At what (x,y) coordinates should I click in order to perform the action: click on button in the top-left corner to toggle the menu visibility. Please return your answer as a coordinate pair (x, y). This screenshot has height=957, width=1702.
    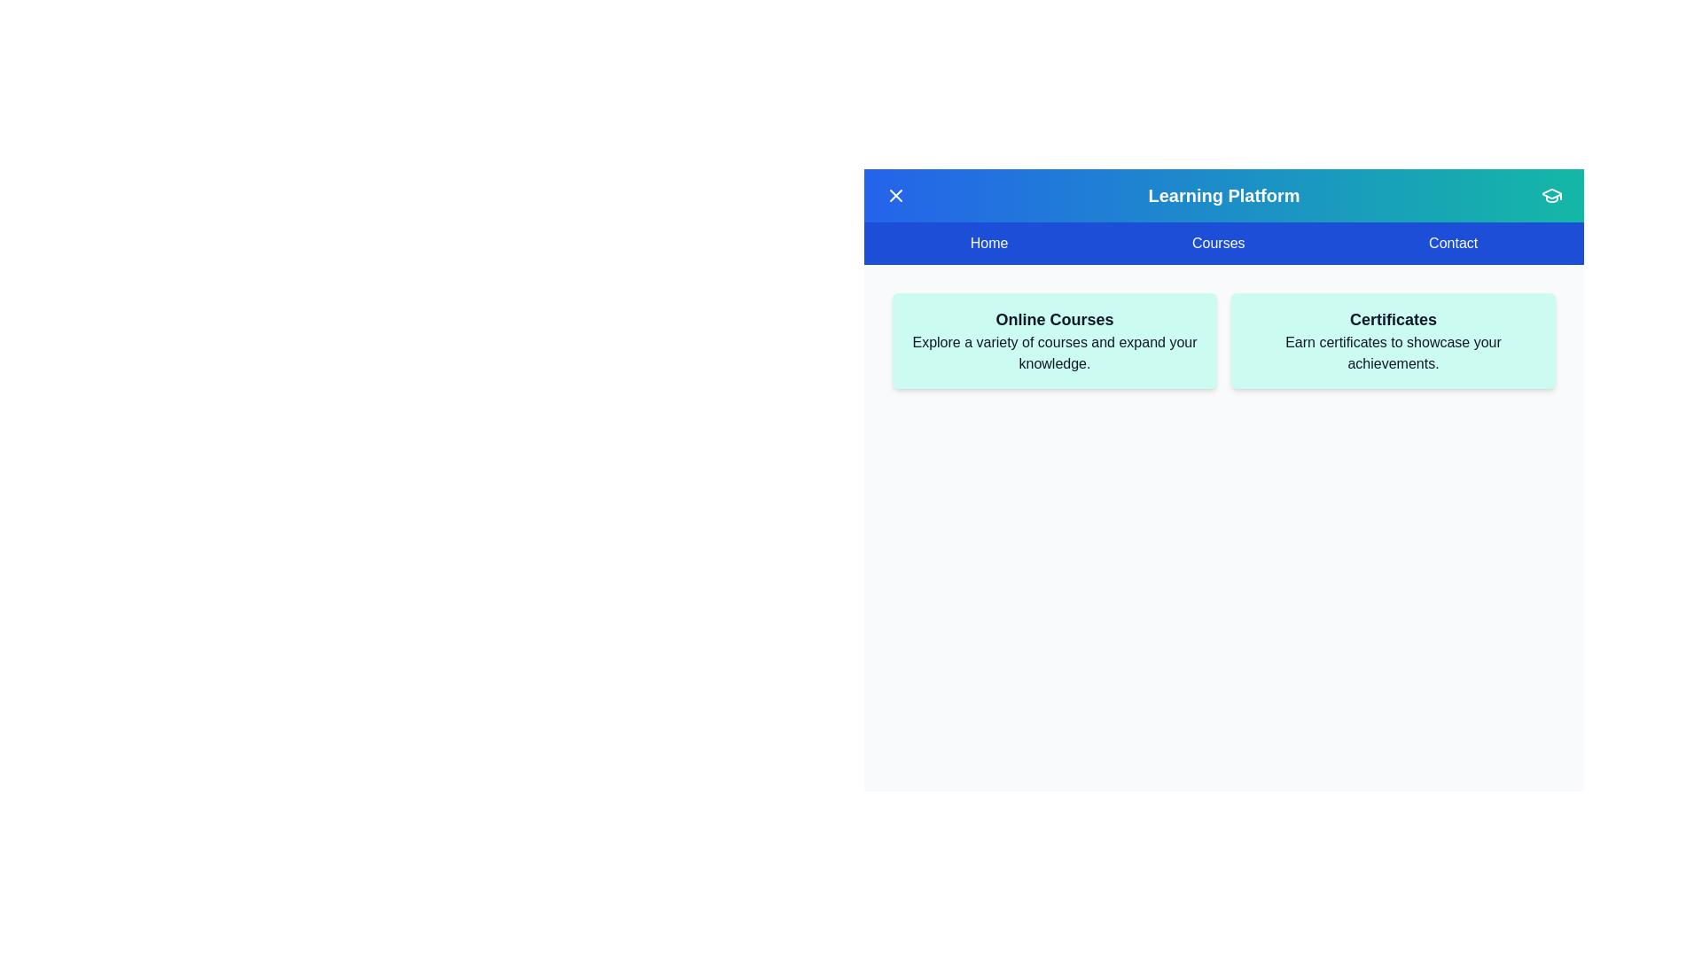
    Looking at the image, I should click on (896, 195).